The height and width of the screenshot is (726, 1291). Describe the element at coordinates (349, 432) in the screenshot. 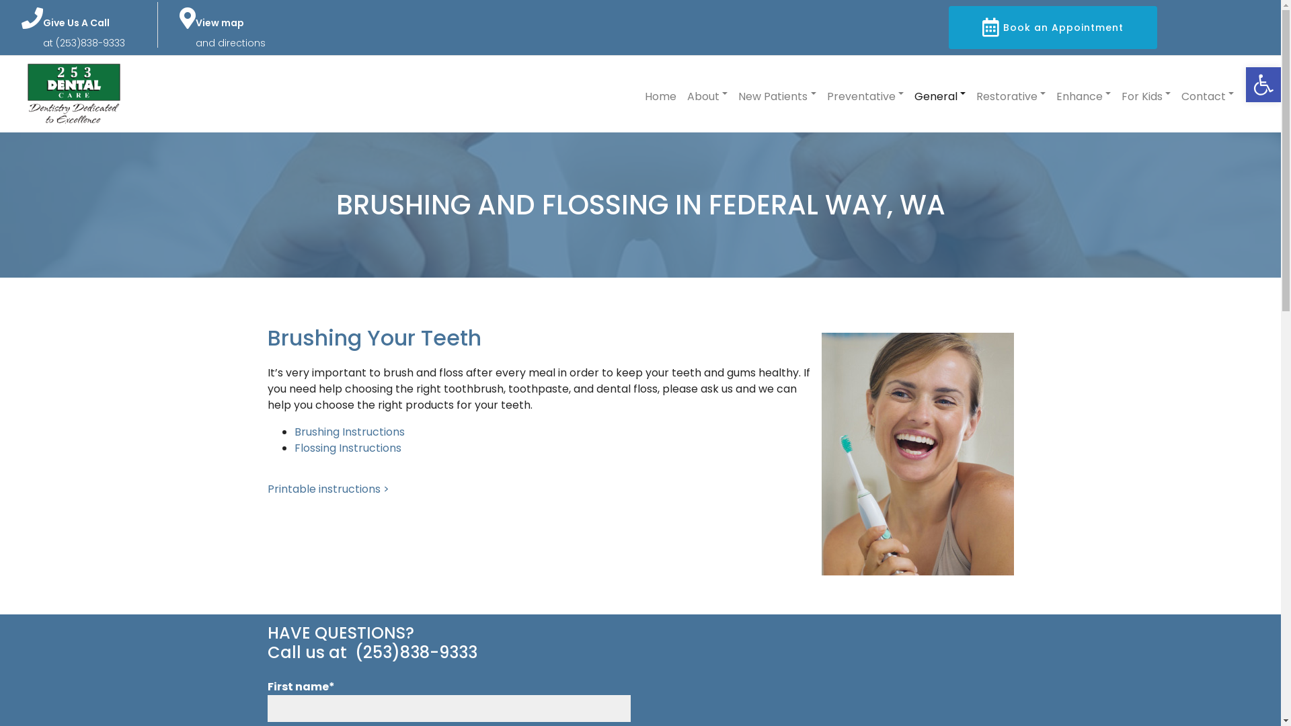

I see `'Brushing Instructions'` at that location.